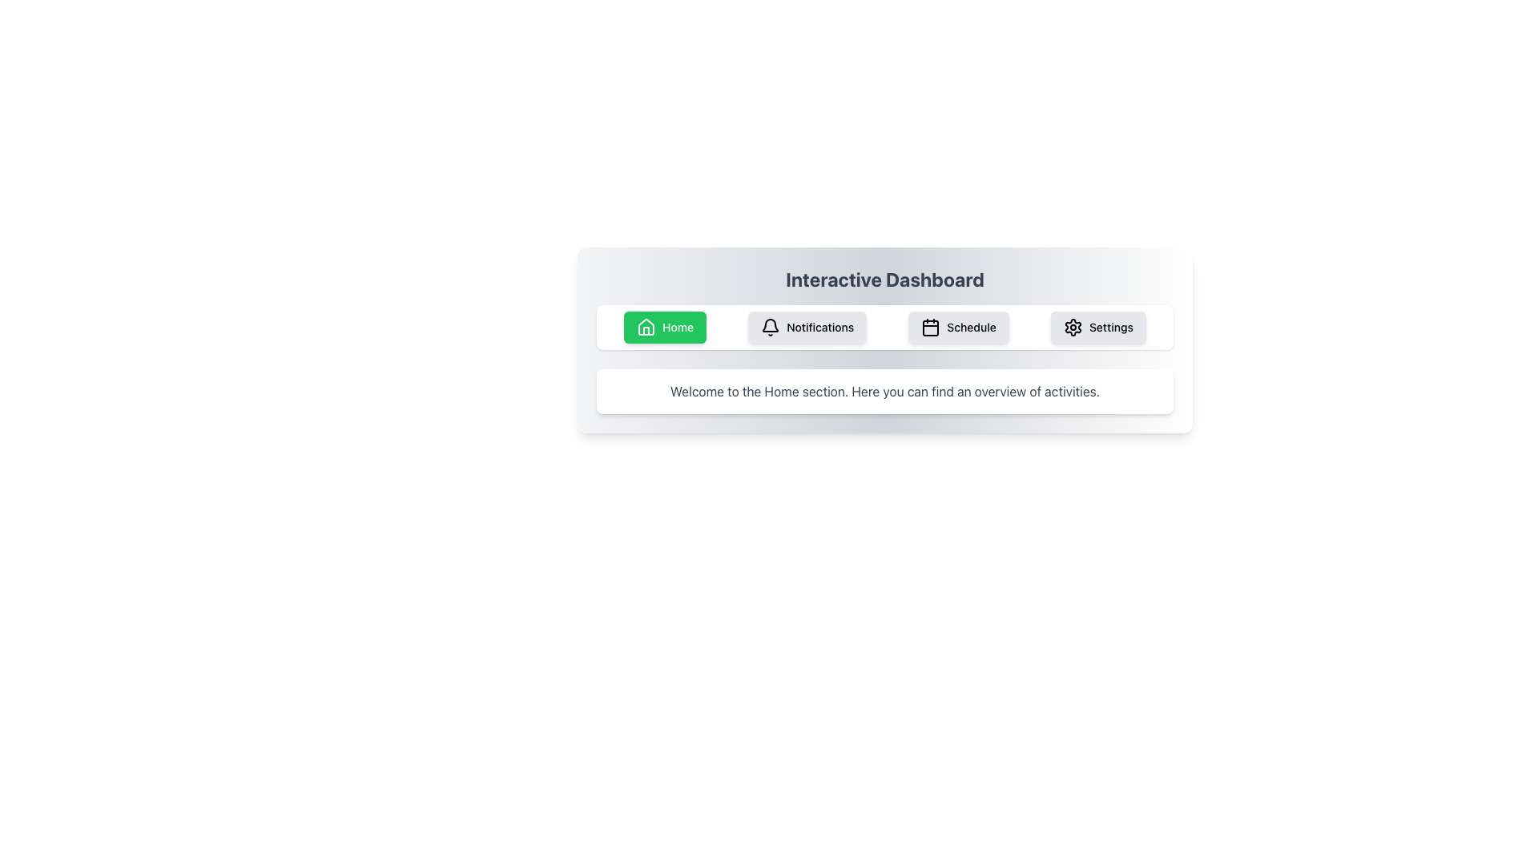 This screenshot has height=865, width=1538. I want to click on the 'Settings' button, which is the fourth and rightmost button in the horizontal group situated in the middle upper section of the interface, to observe the focus change, so click(1097, 326).